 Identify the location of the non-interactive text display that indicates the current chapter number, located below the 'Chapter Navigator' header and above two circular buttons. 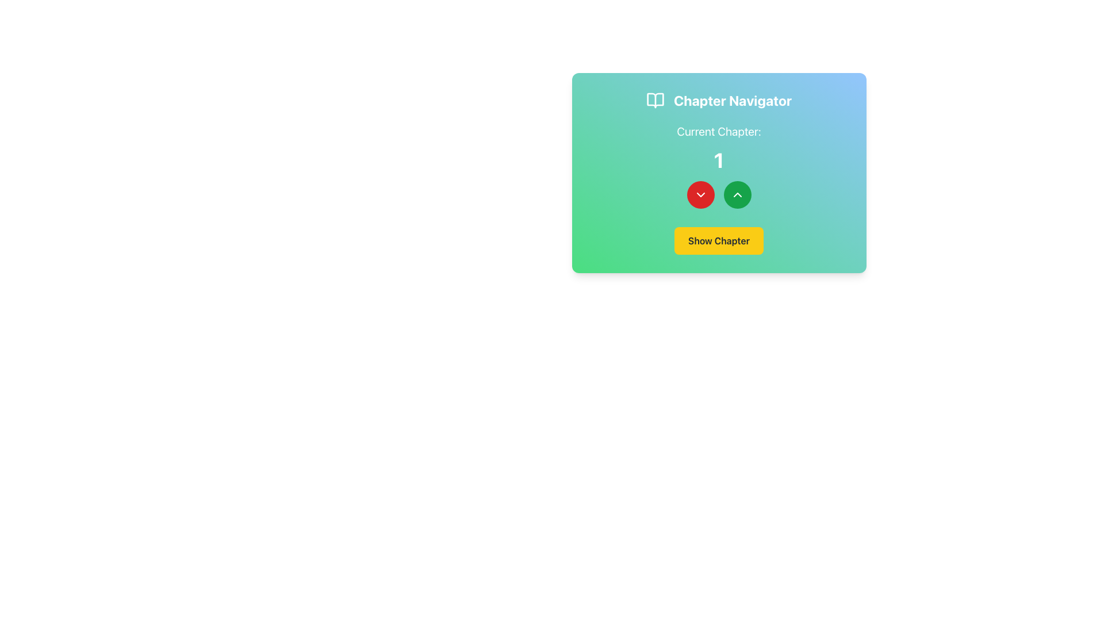
(718, 166).